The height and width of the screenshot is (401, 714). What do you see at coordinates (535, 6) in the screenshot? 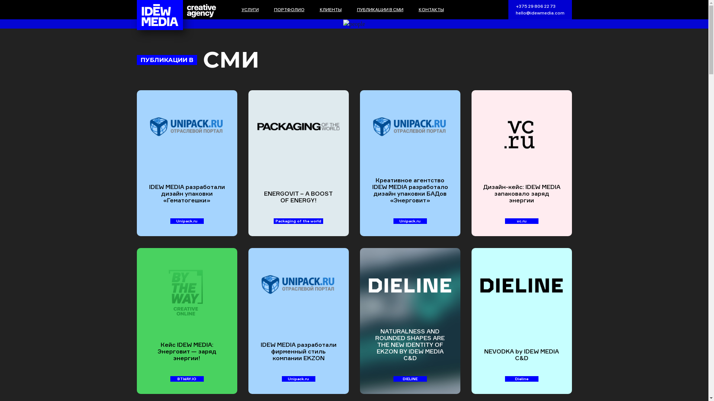
I see `'+375 29 806 22 73'` at bounding box center [535, 6].